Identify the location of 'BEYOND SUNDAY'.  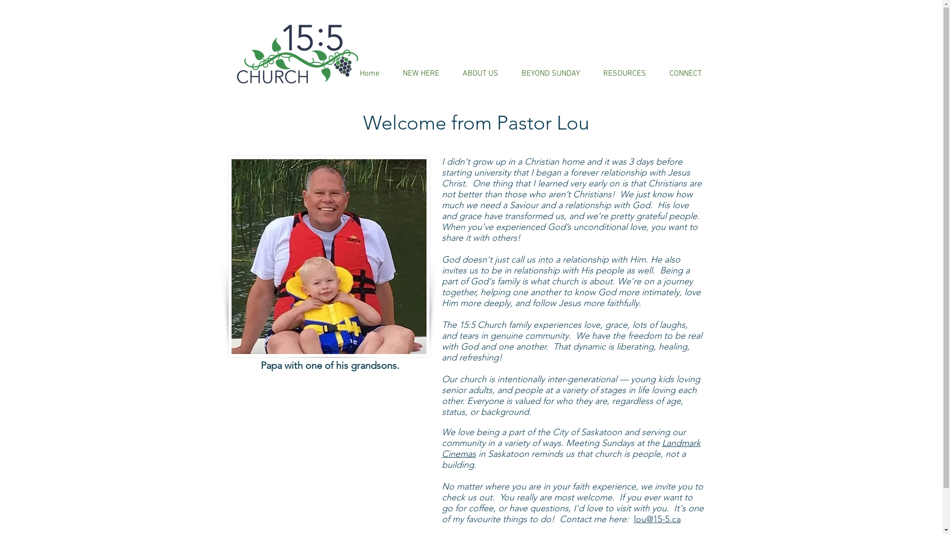
(550, 73).